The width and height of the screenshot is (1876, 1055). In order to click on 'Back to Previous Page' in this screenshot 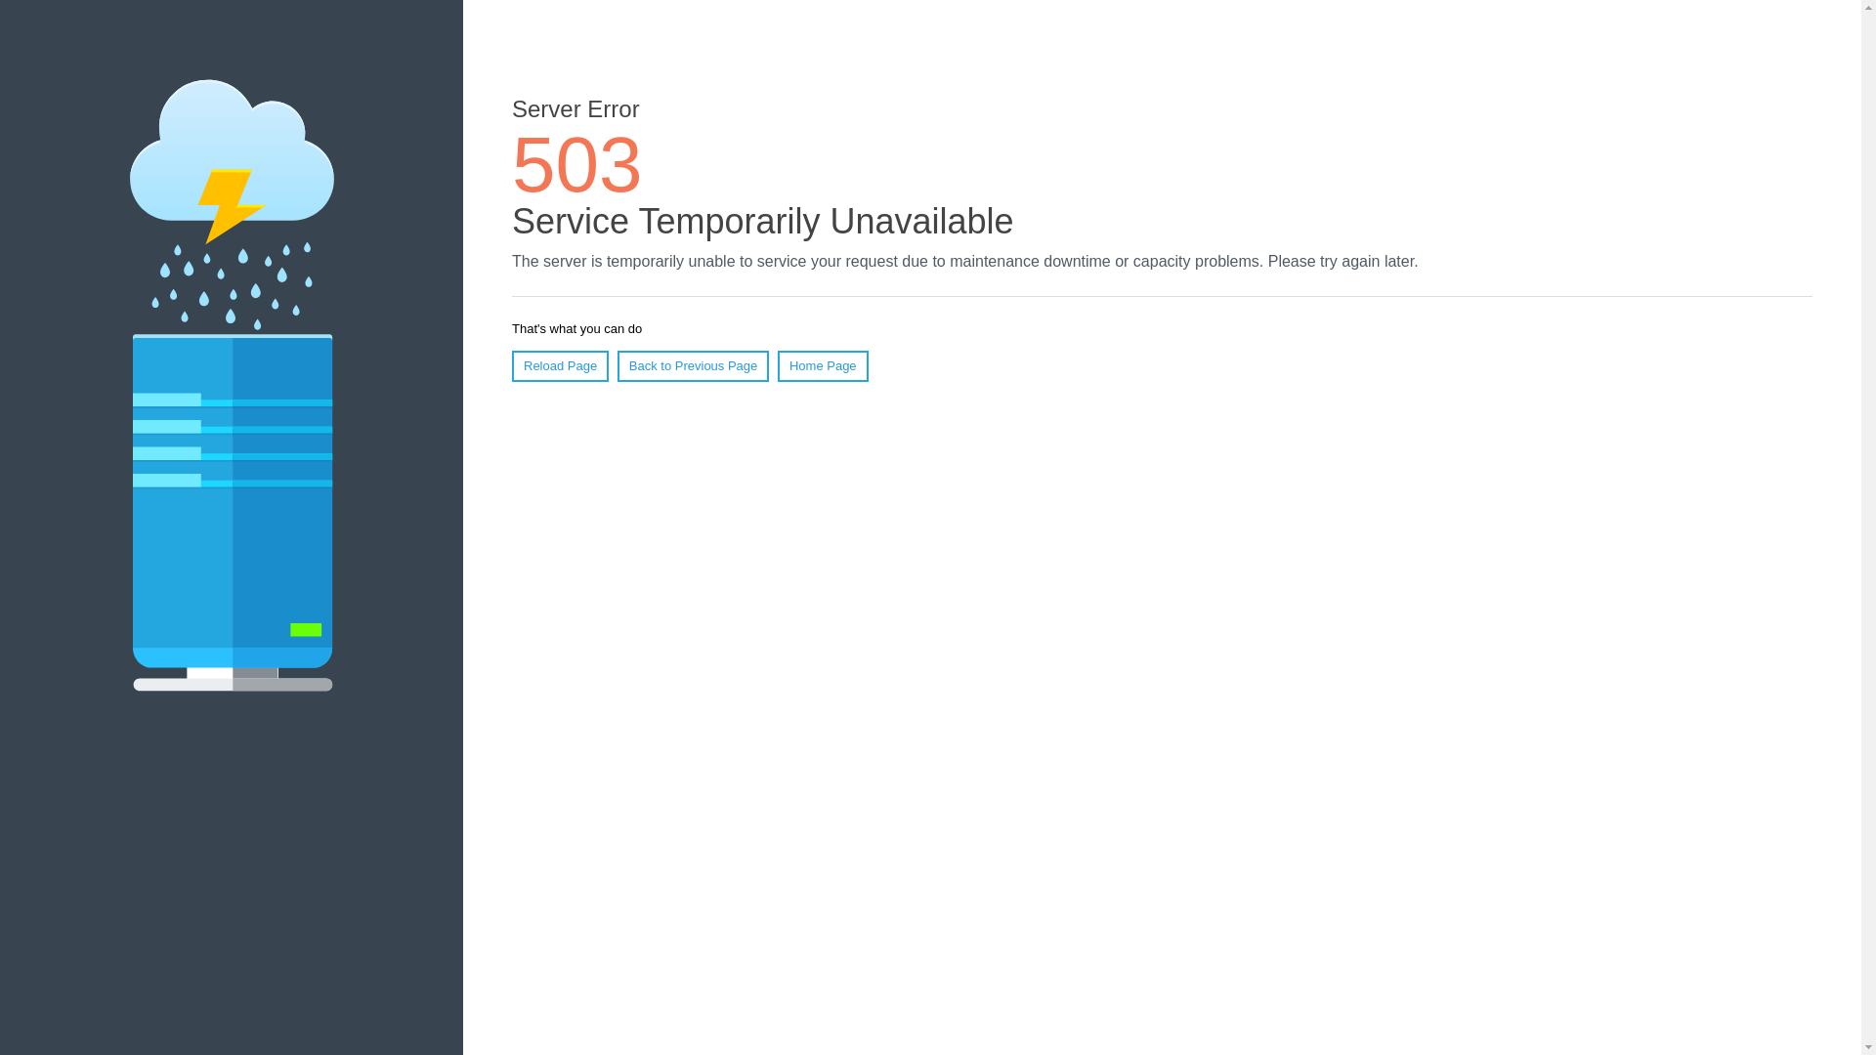, I will do `click(694, 365)`.